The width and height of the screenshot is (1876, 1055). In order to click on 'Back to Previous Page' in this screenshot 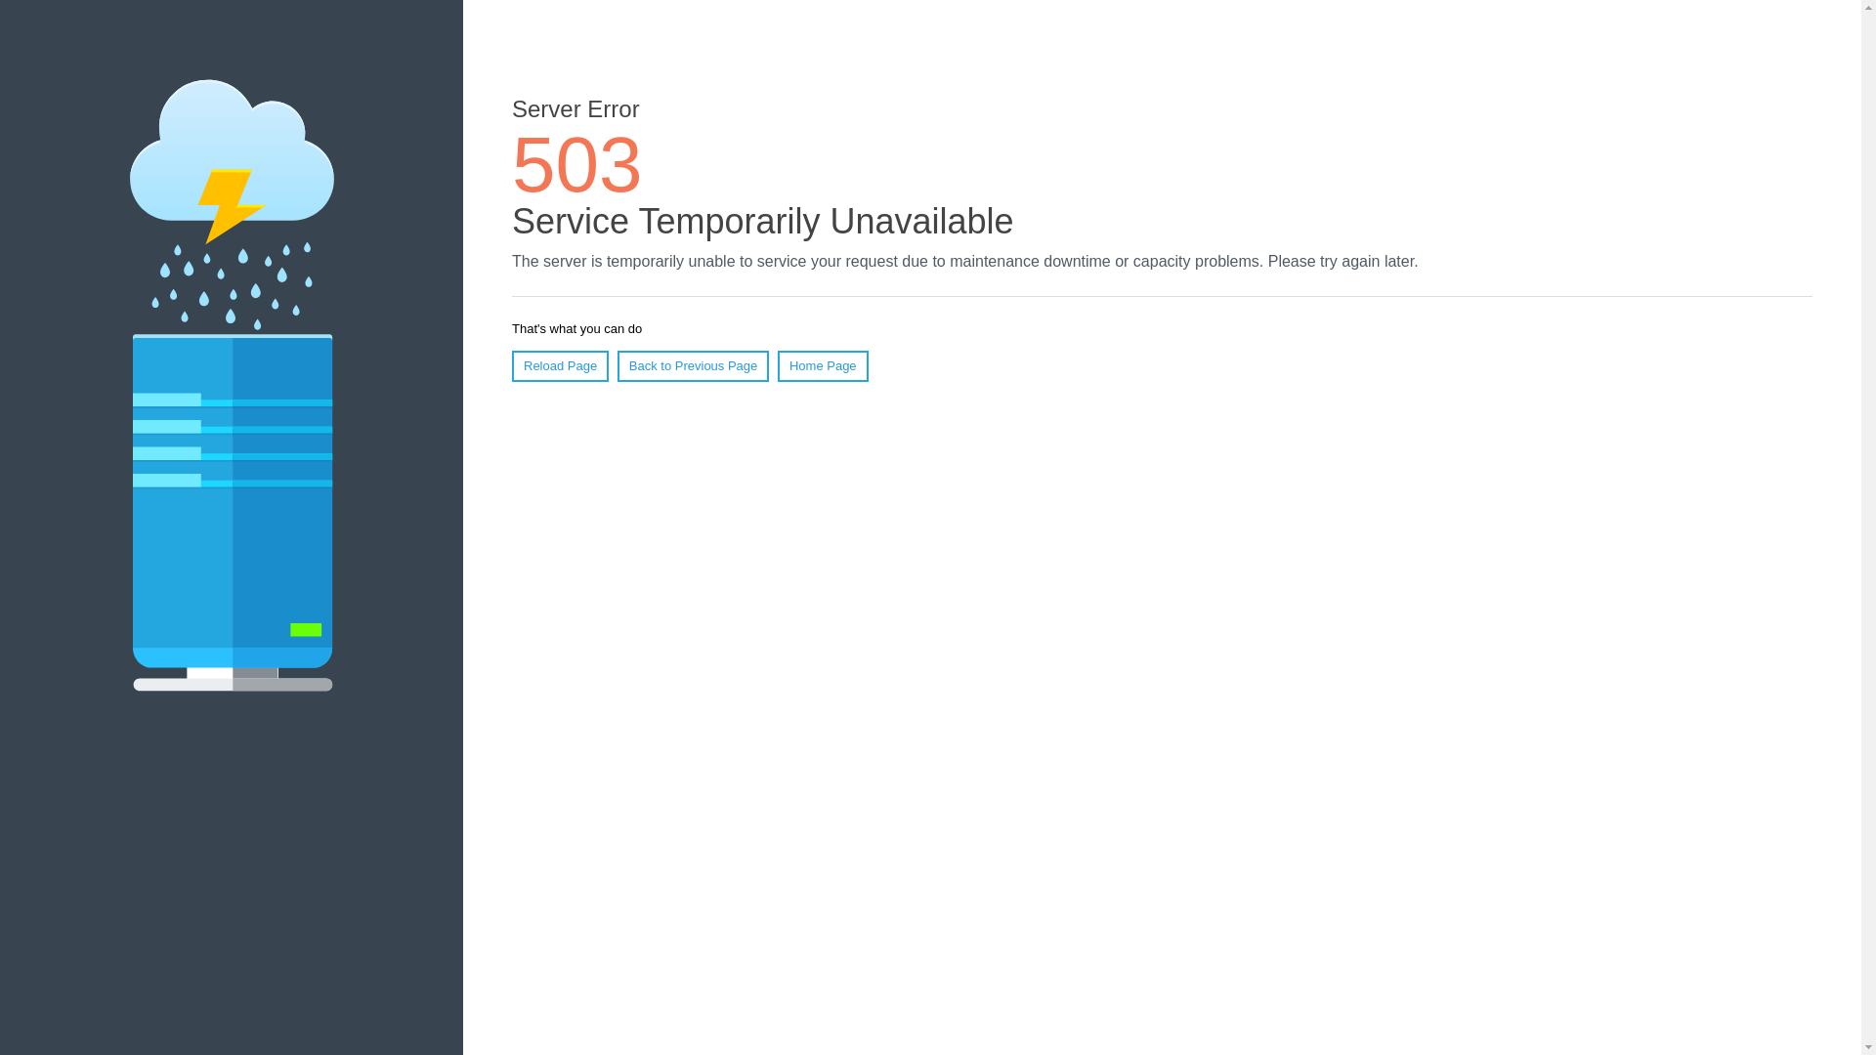, I will do `click(694, 365)`.